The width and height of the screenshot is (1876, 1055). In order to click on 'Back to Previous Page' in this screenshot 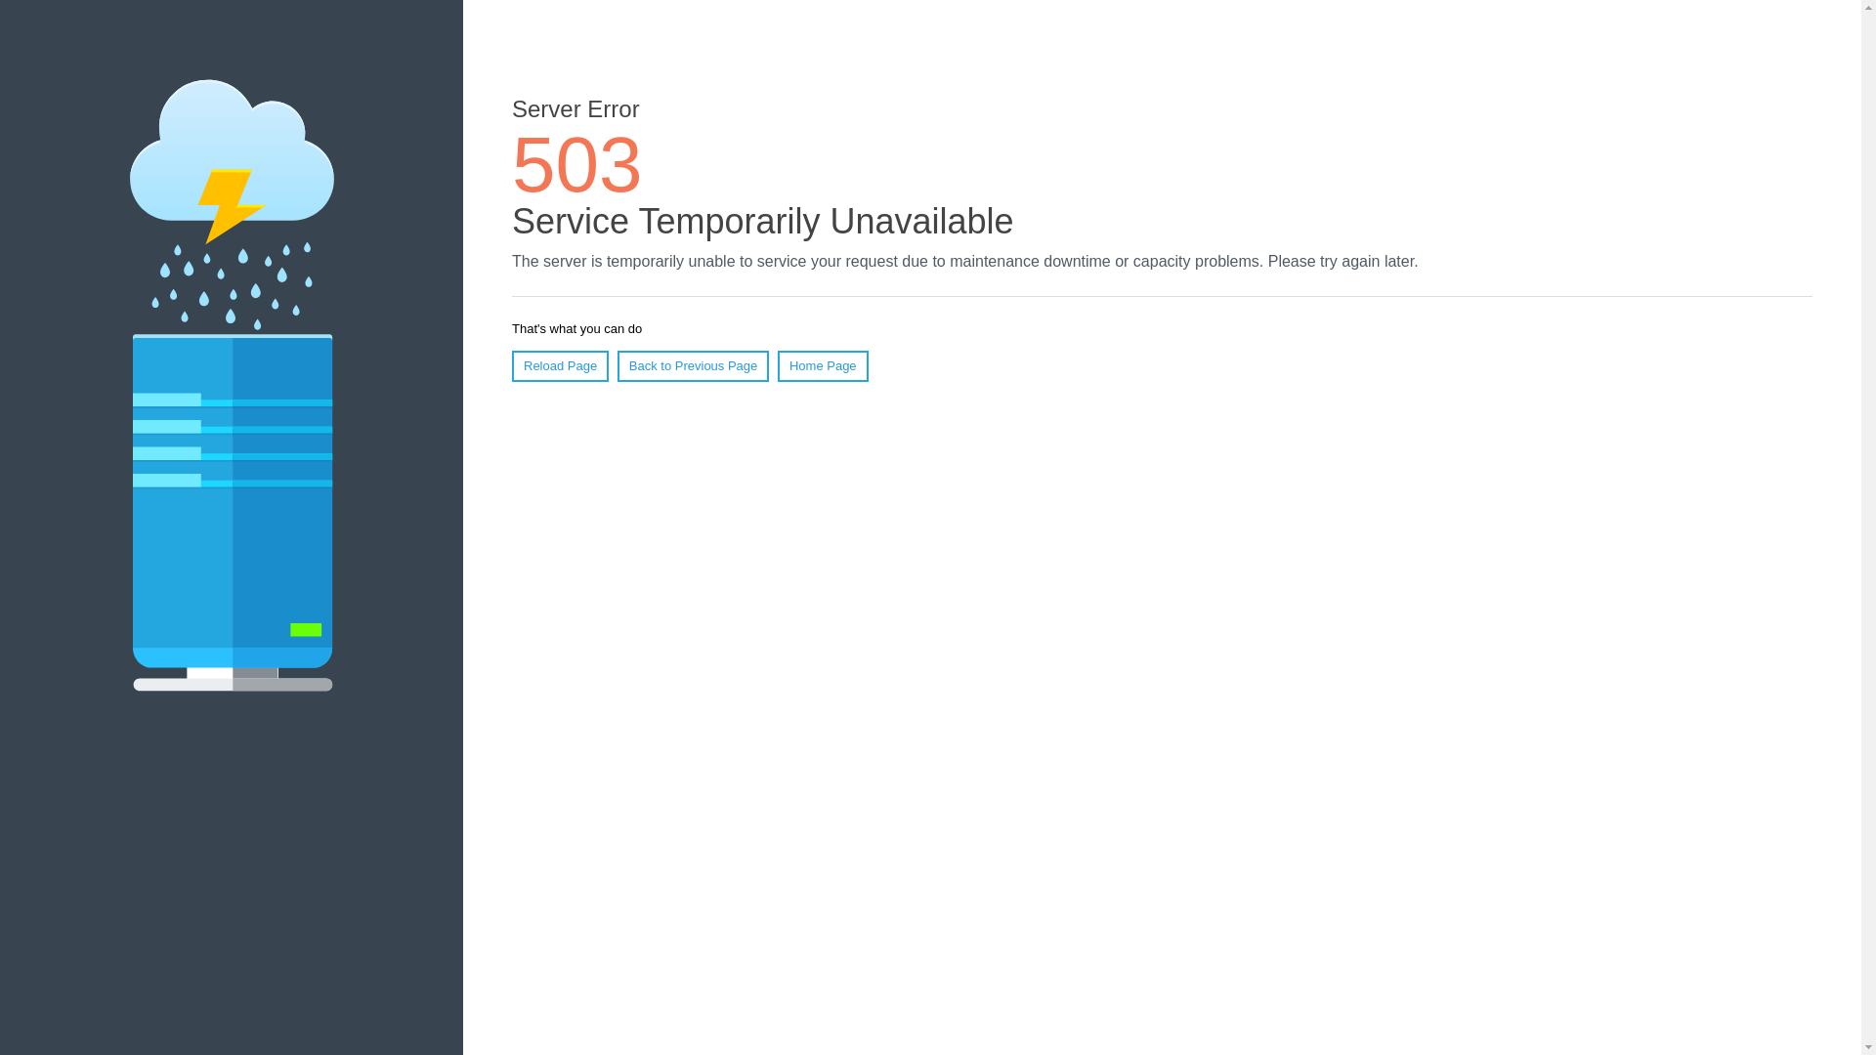, I will do `click(694, 365)`.